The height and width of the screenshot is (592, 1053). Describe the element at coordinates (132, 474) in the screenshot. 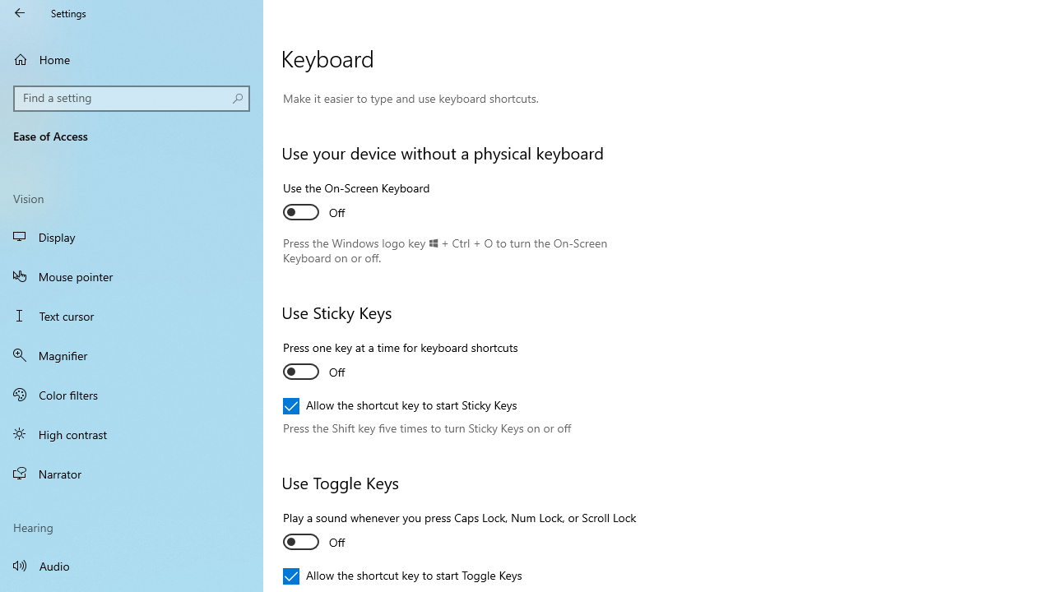

I see `'Narrator'` at that location.